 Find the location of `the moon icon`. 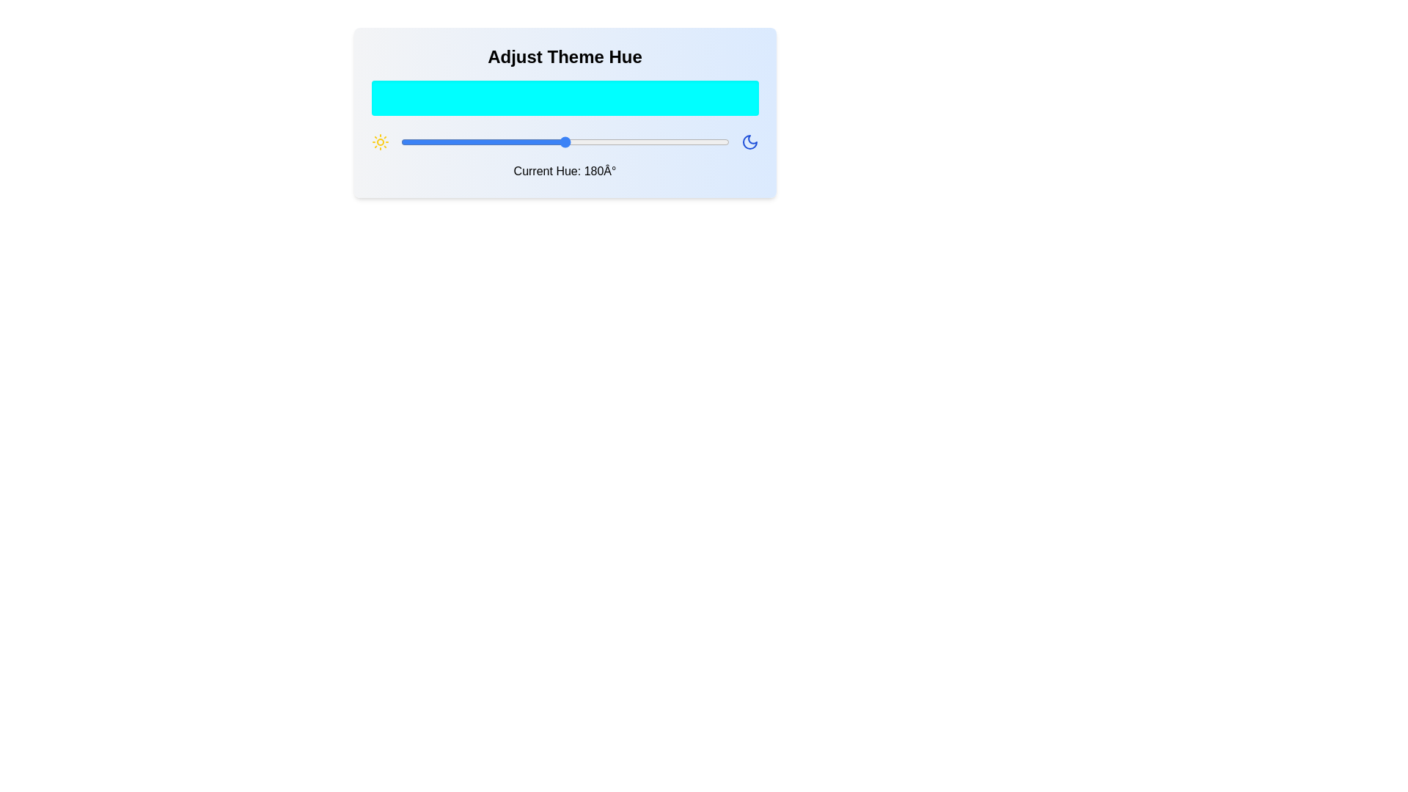

the moon icon is located at coordinates (749, 142).